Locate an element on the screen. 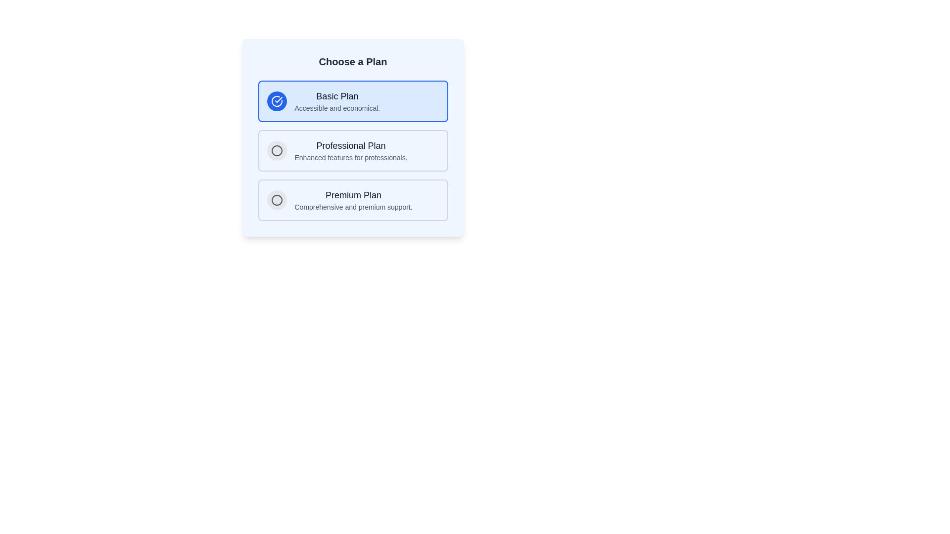  the text label that says 'Comprehensive and premium support.' located beneath the 'Premium Plan' heading is located at coordinates (353, 207).